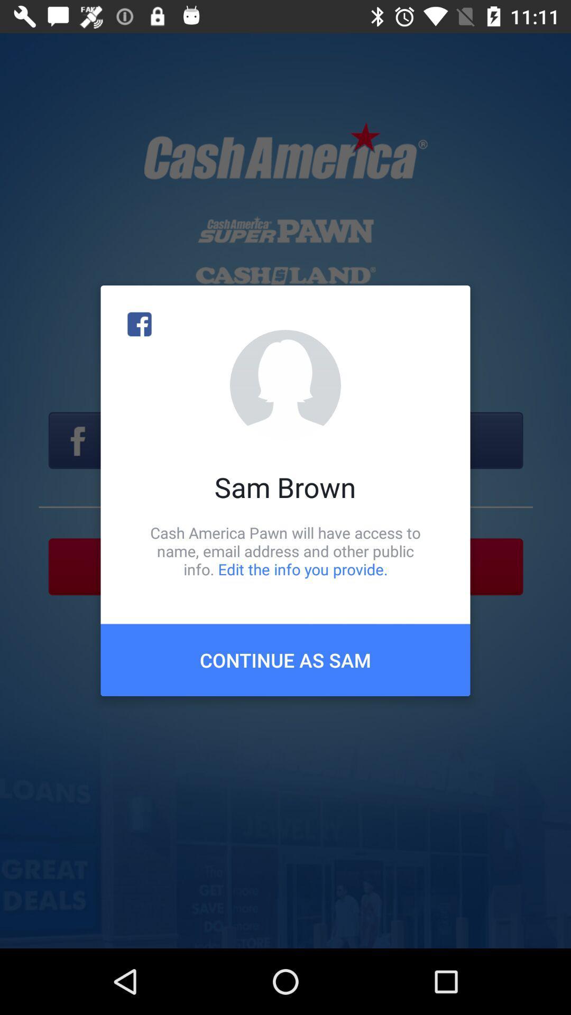 The height and width of the screenshot is (1015, 571). Describe the element at coordinates (285, 550) in the screenshot. I see `cash america pawn` at that location.